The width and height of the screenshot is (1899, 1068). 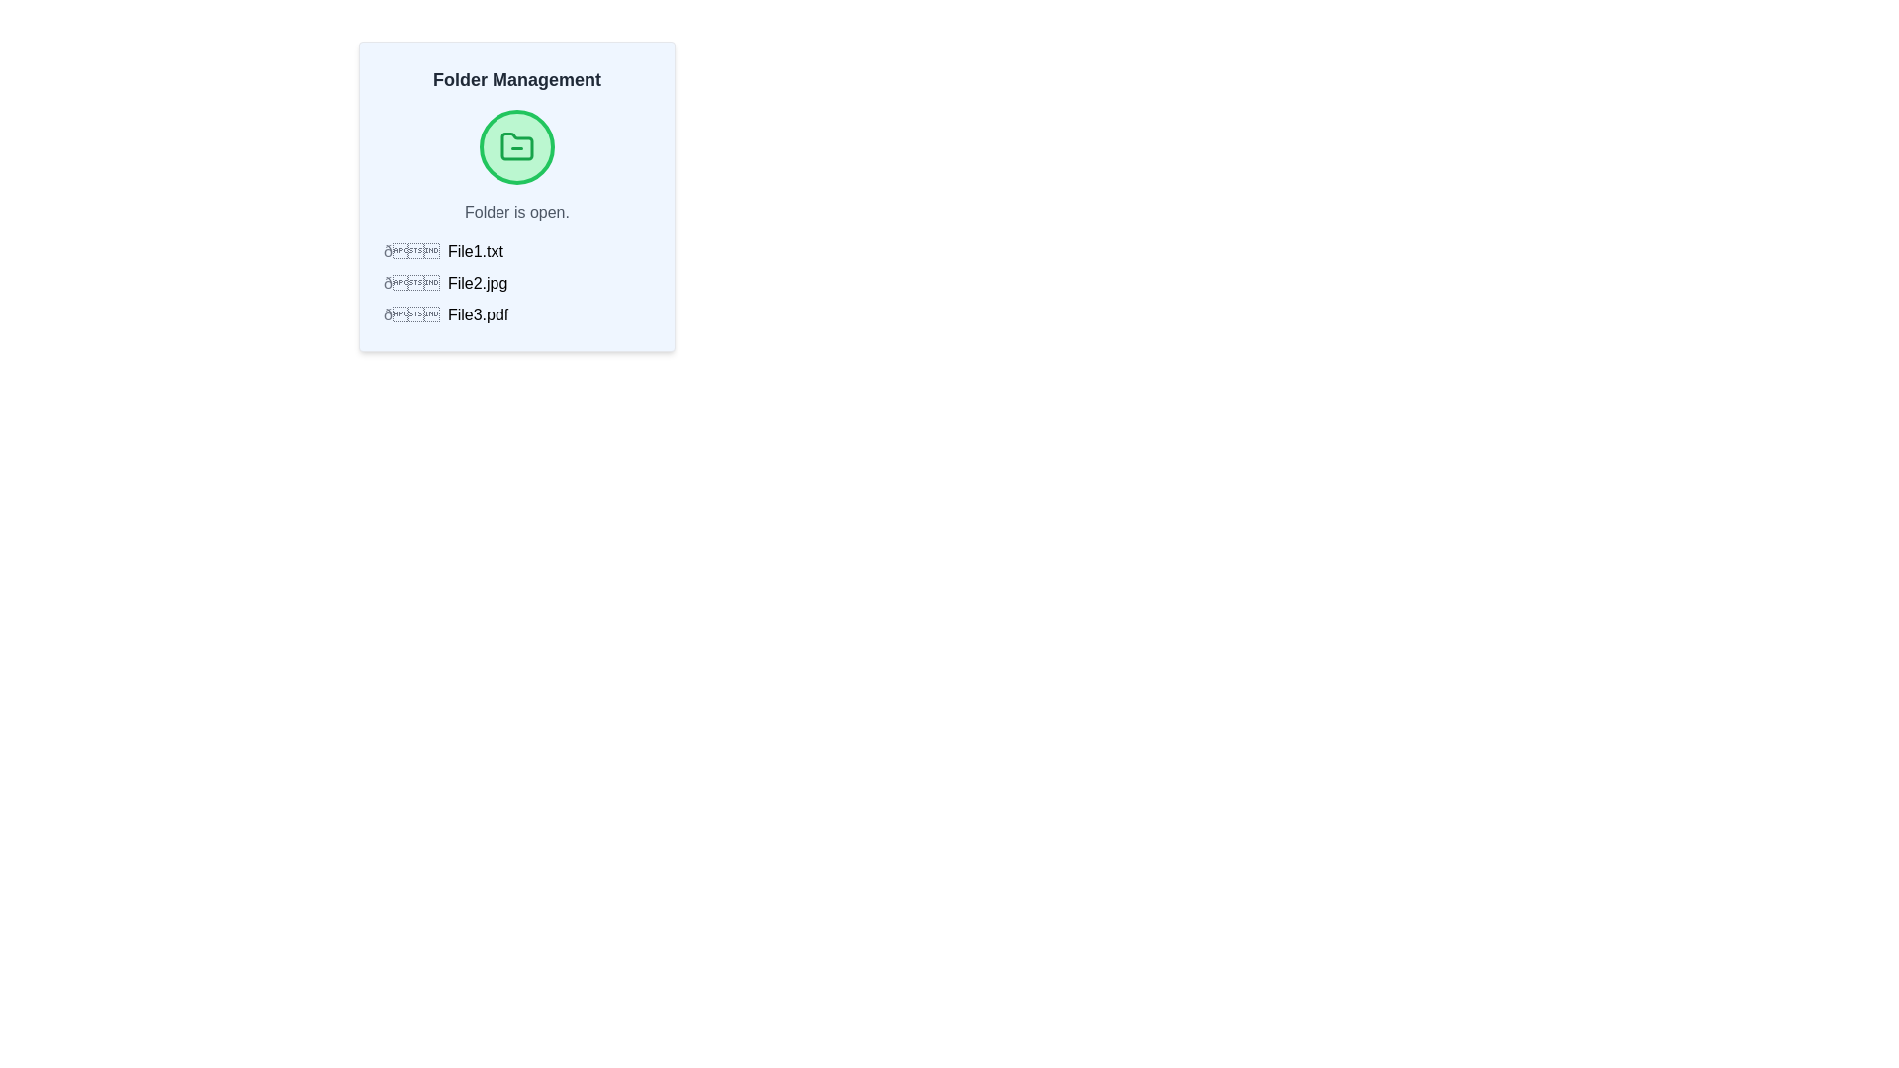 What do you see at coordinates (517, 146) in the screenshot?
I see `the green-outlined folder icon with a minus symbol, located within a green circular frame in the 'Folder Management' section` at bounding box center [517, 146].